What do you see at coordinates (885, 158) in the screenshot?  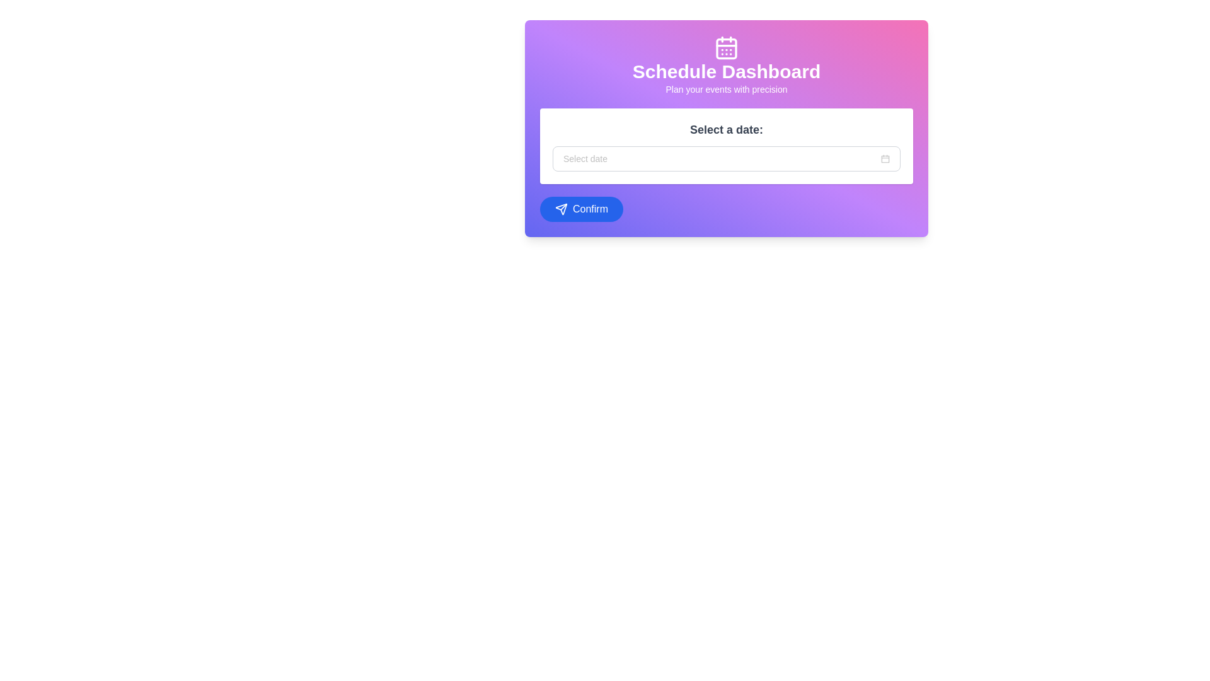 I see `the calendar icon located at the far right end of the 'Select a date' input field` at bounding box center [885, 158].